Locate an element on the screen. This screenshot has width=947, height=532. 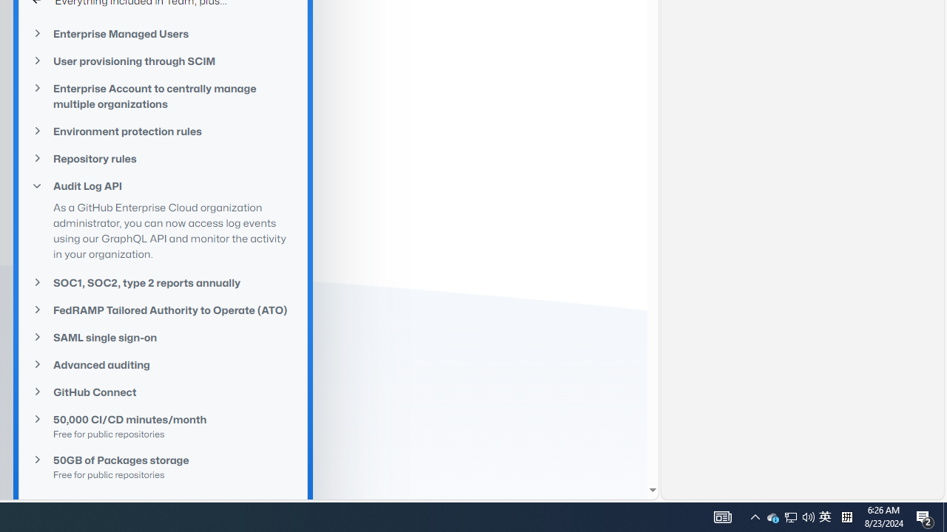
'50GB of Packages storage Free for public repositories' is located at coordinates (163, 467).